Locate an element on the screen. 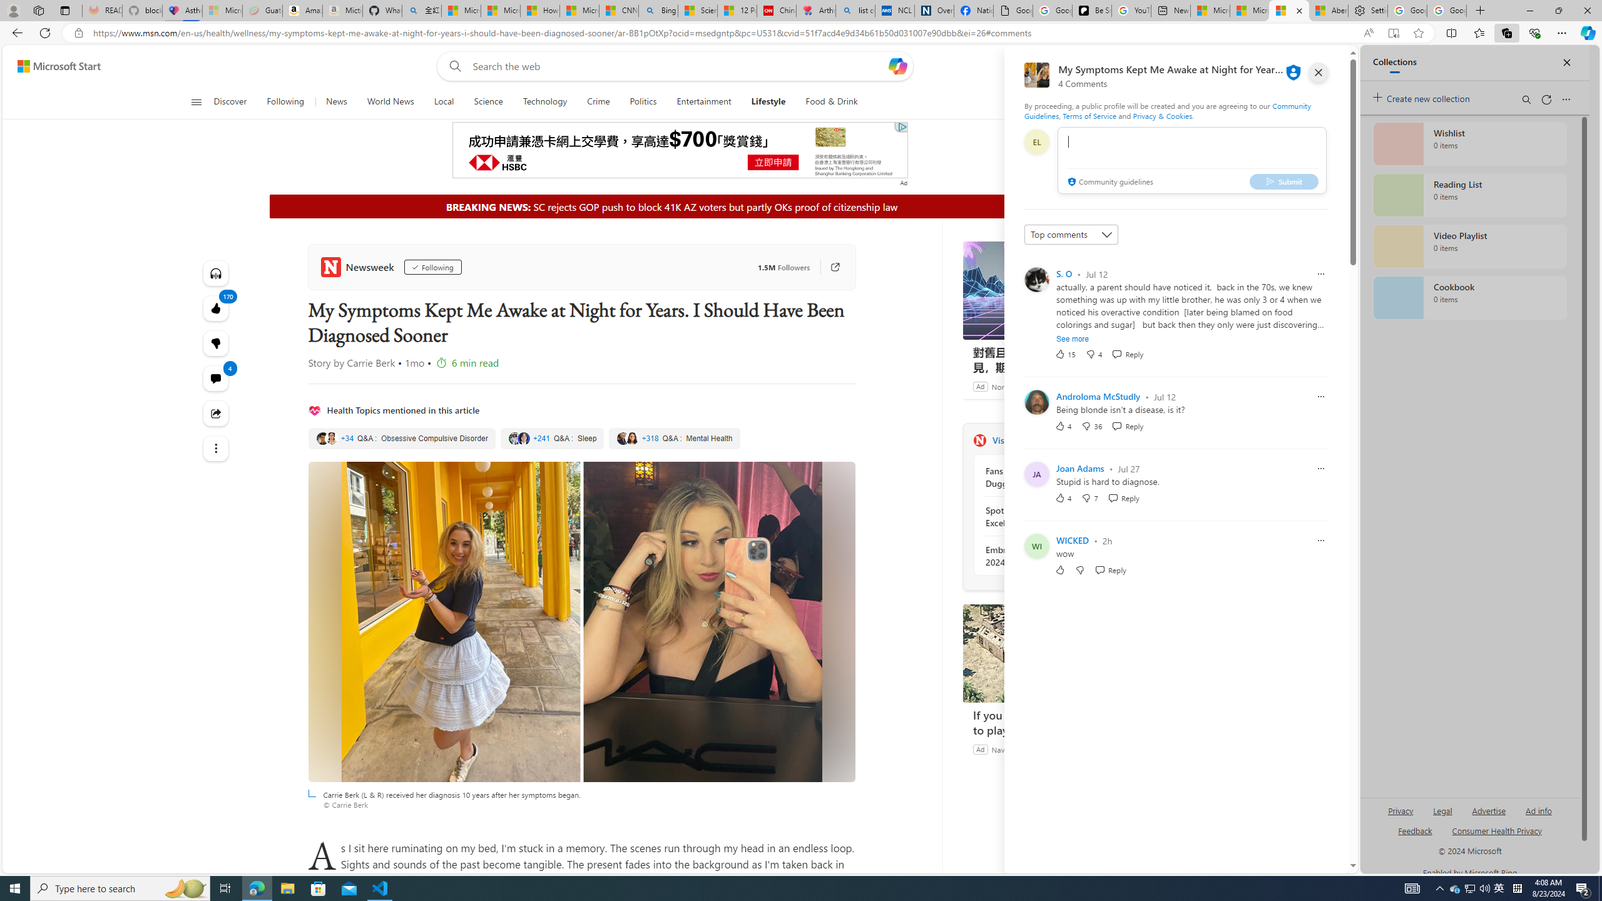  'Mental Health' is located at coordinates (673, 438).